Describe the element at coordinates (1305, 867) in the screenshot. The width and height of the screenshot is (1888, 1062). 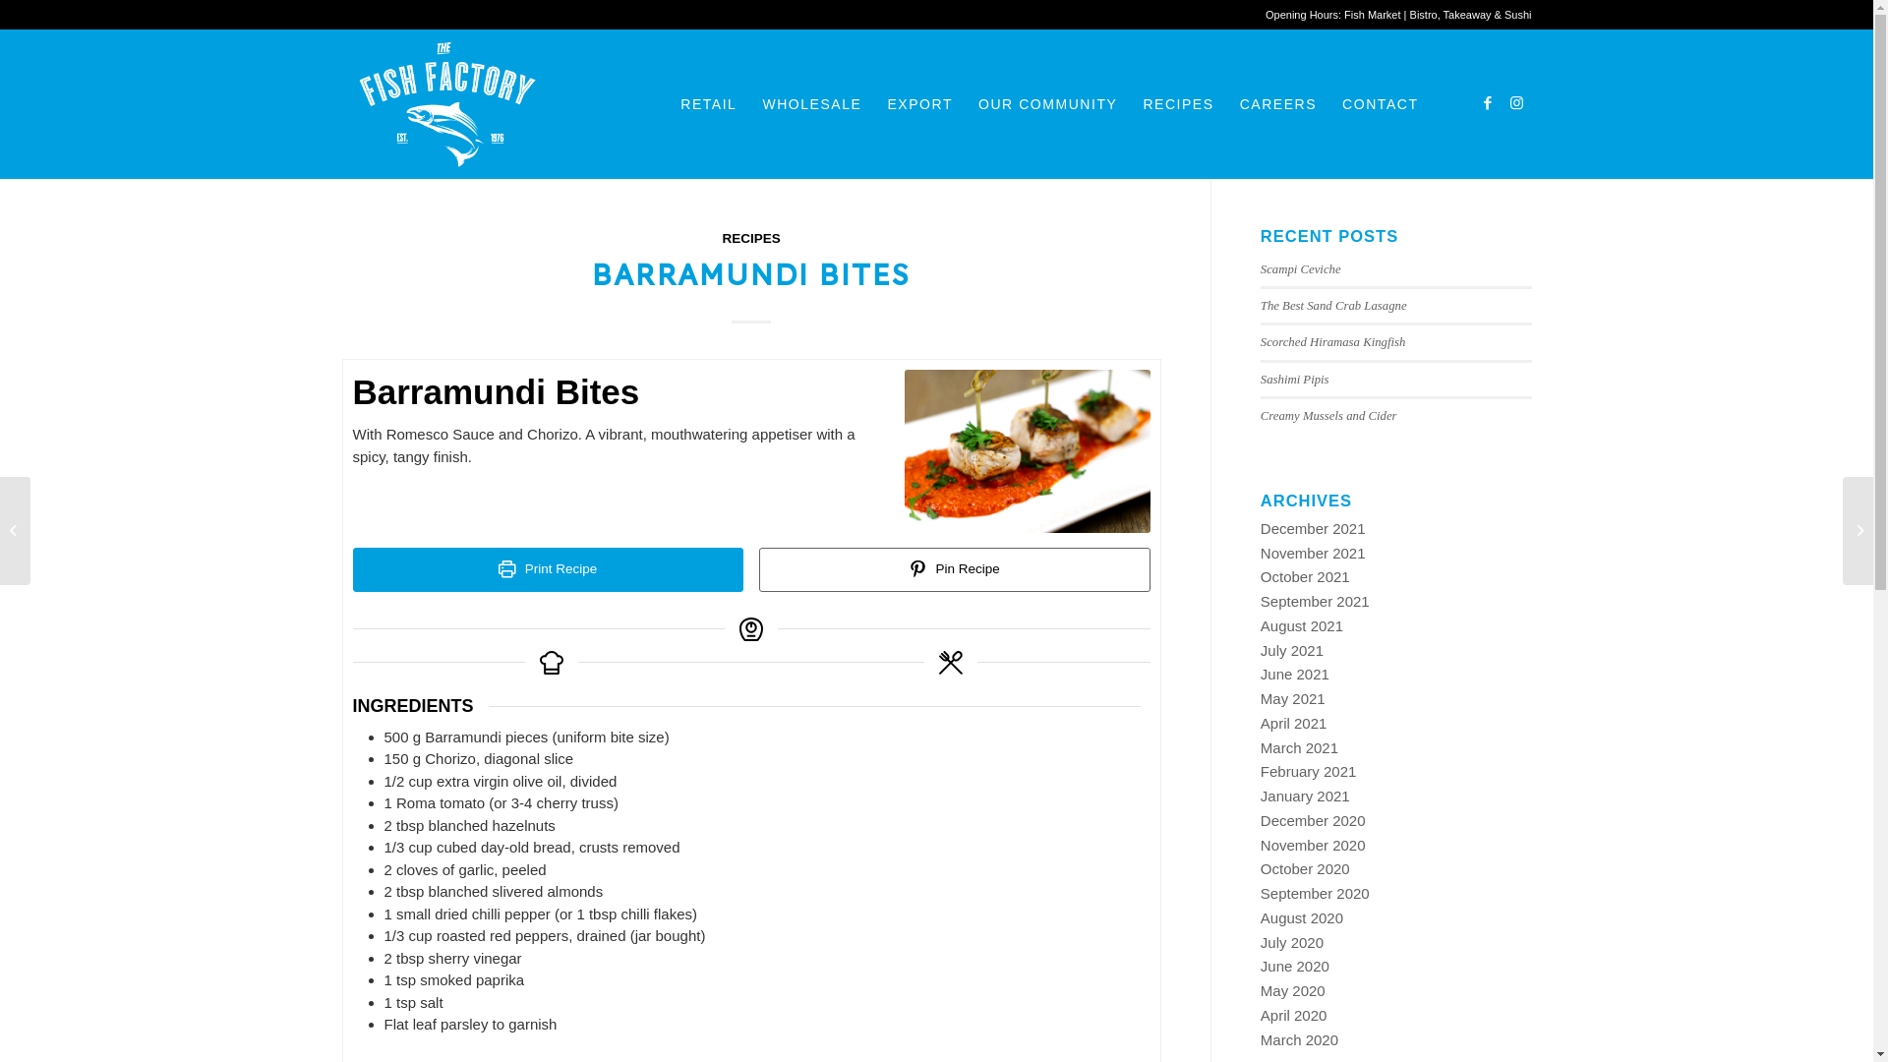
I see `'October 2020'` at that location.